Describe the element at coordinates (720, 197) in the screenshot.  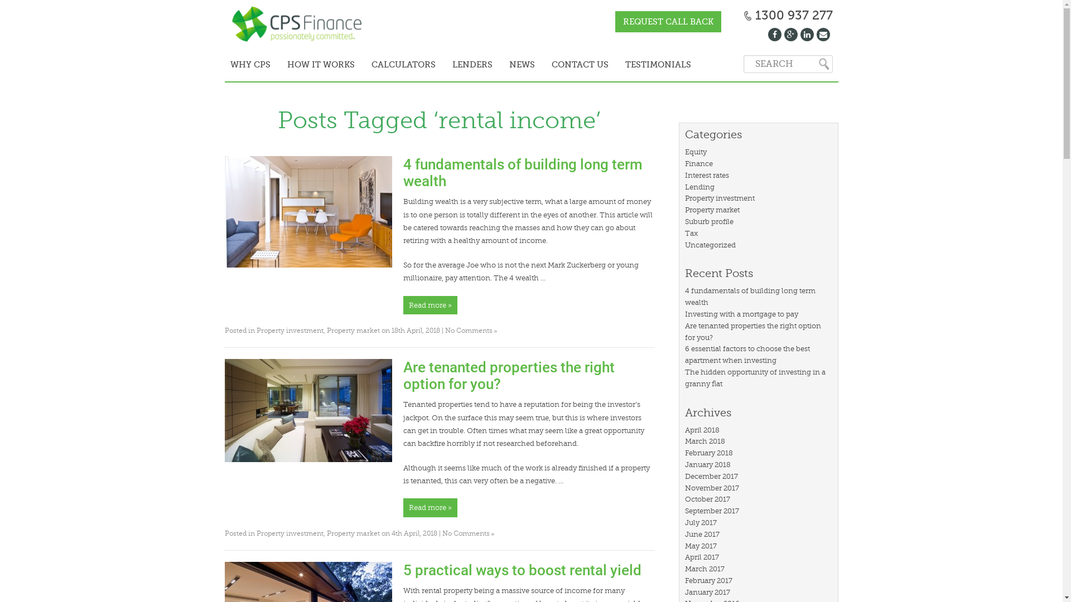
I see `'Property investment'` at that location.